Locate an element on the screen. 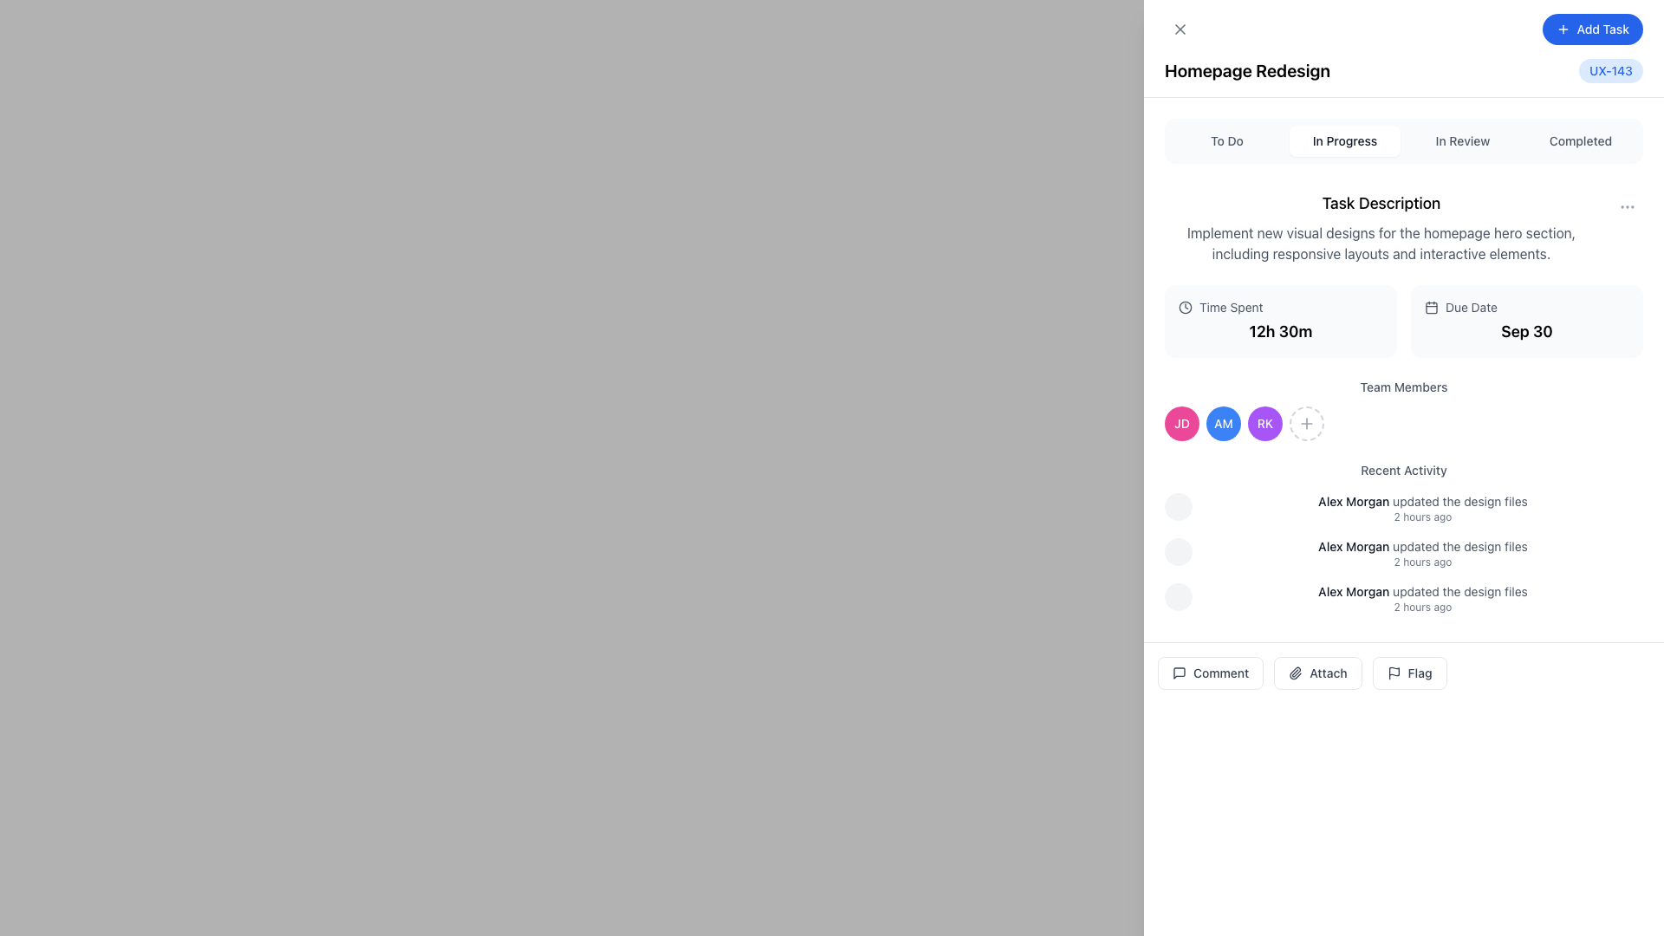 This screenshot has width=1664, height=936. the flag button located as the third button from the left in a horizontal row at the bottom of the interface to mark or highlight the associated content is located at coordinates (1404, 672).